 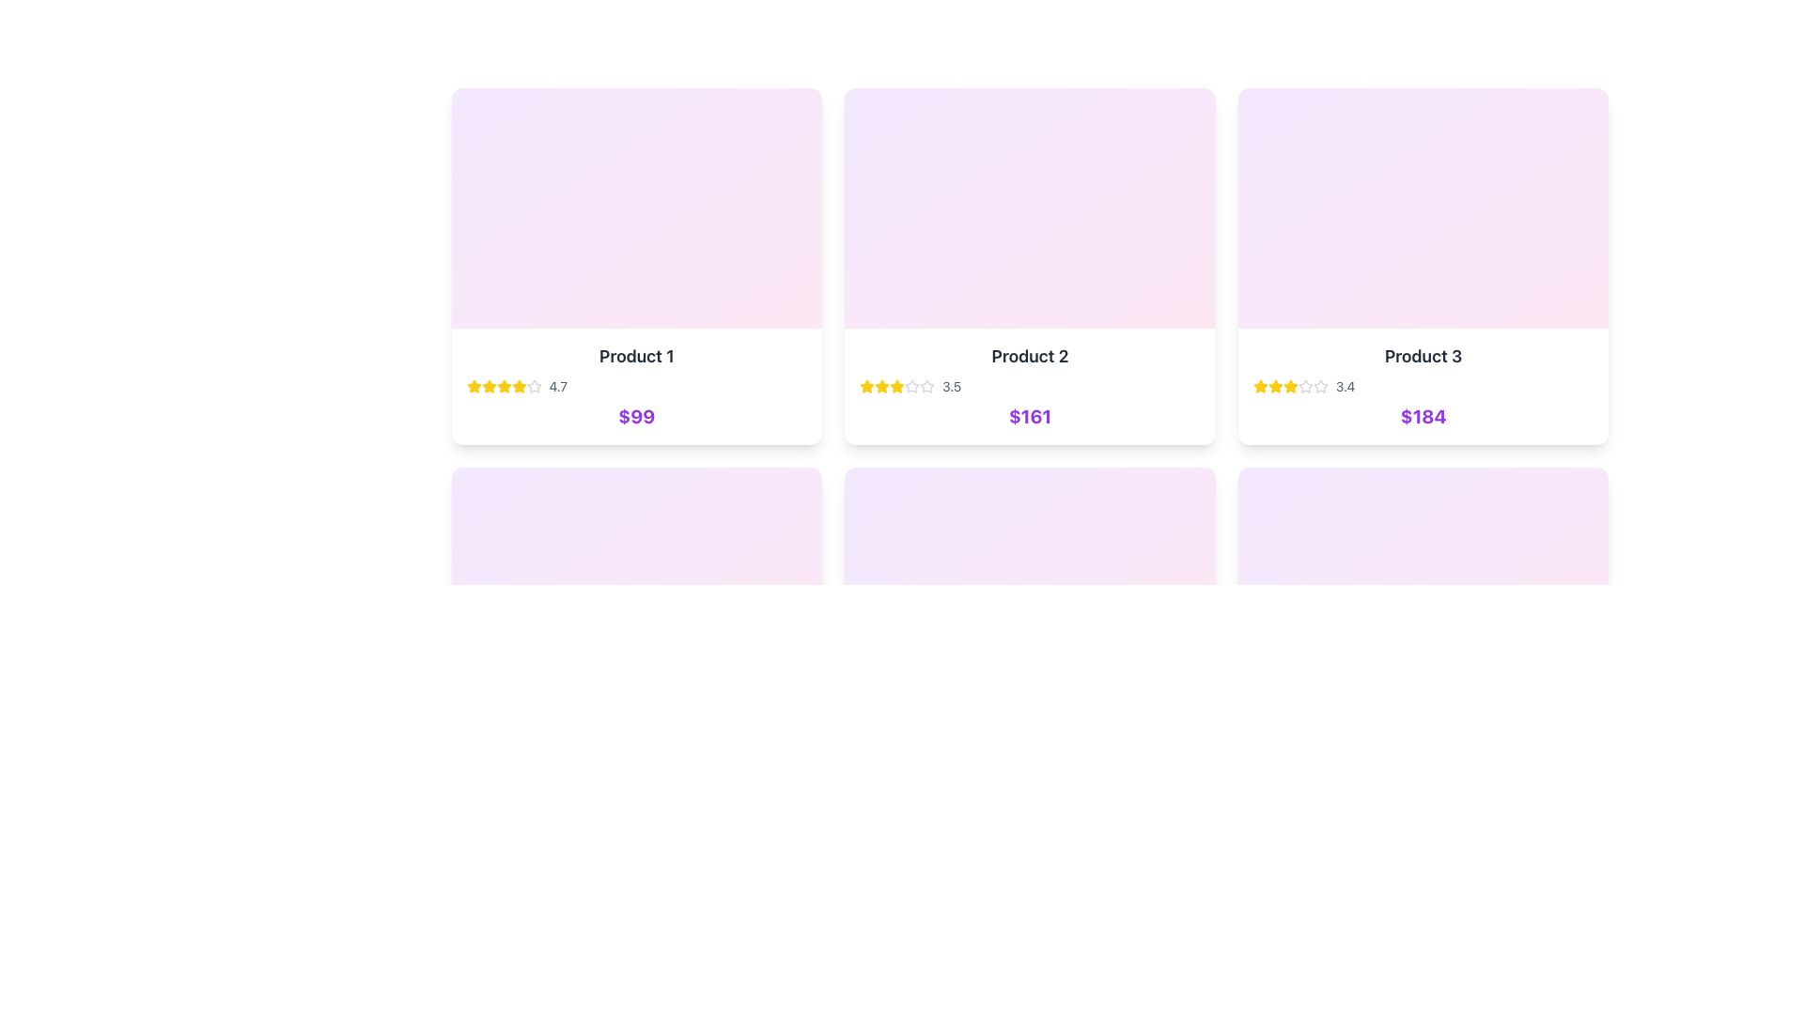 What do you see at coordinates (1186, 115) in the screenshot?
I see `the hover-activated button located in the top-right corner of the 'Product 2' card` at bounding box center [1186, 115].